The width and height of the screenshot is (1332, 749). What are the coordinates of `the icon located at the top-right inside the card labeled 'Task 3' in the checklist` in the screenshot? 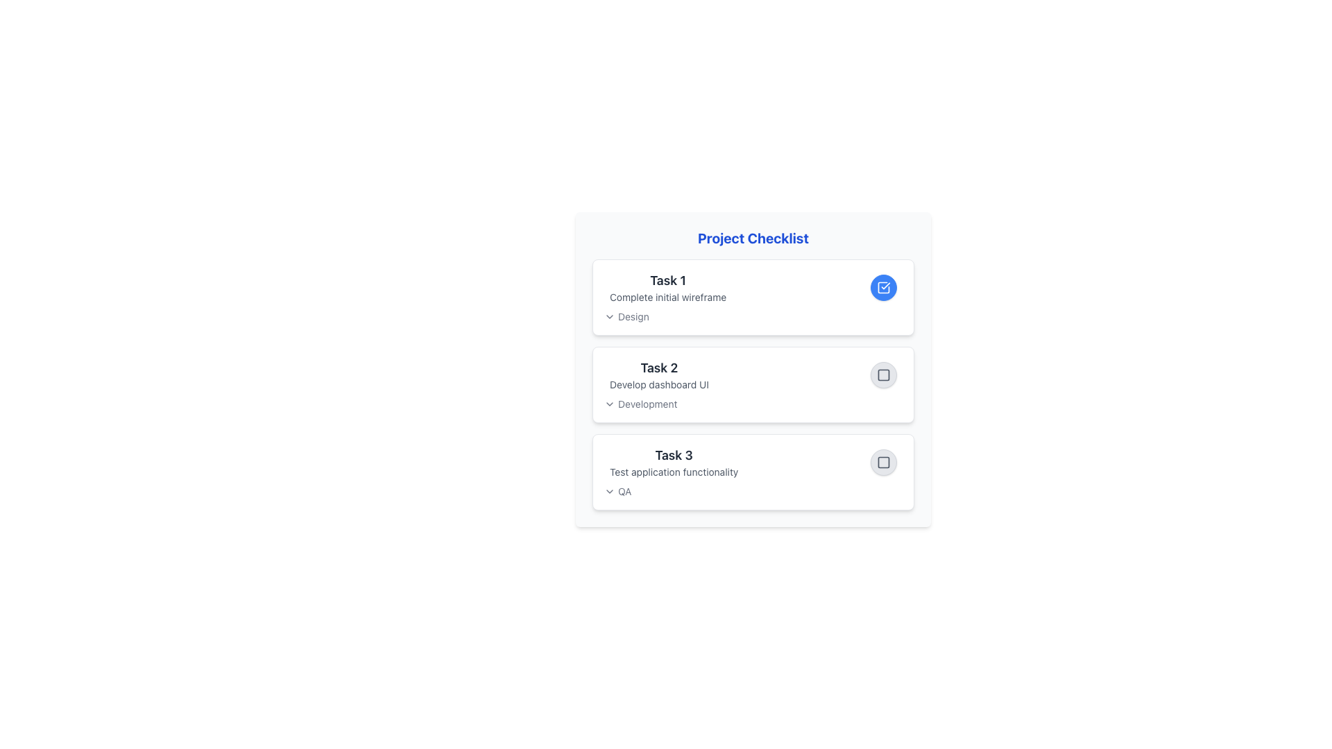 It's located at (882, 463).